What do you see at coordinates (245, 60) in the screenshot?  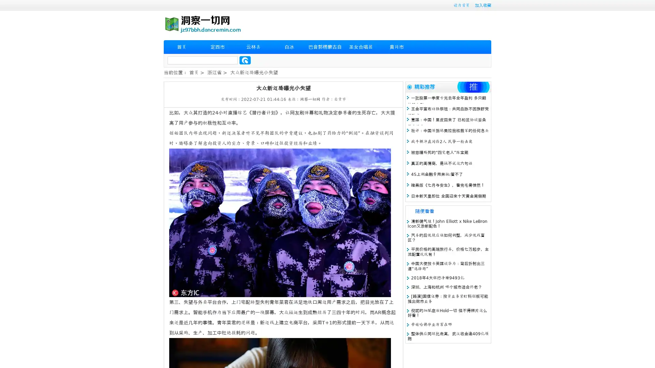 I see `Search` at bounding box center [245, 60].